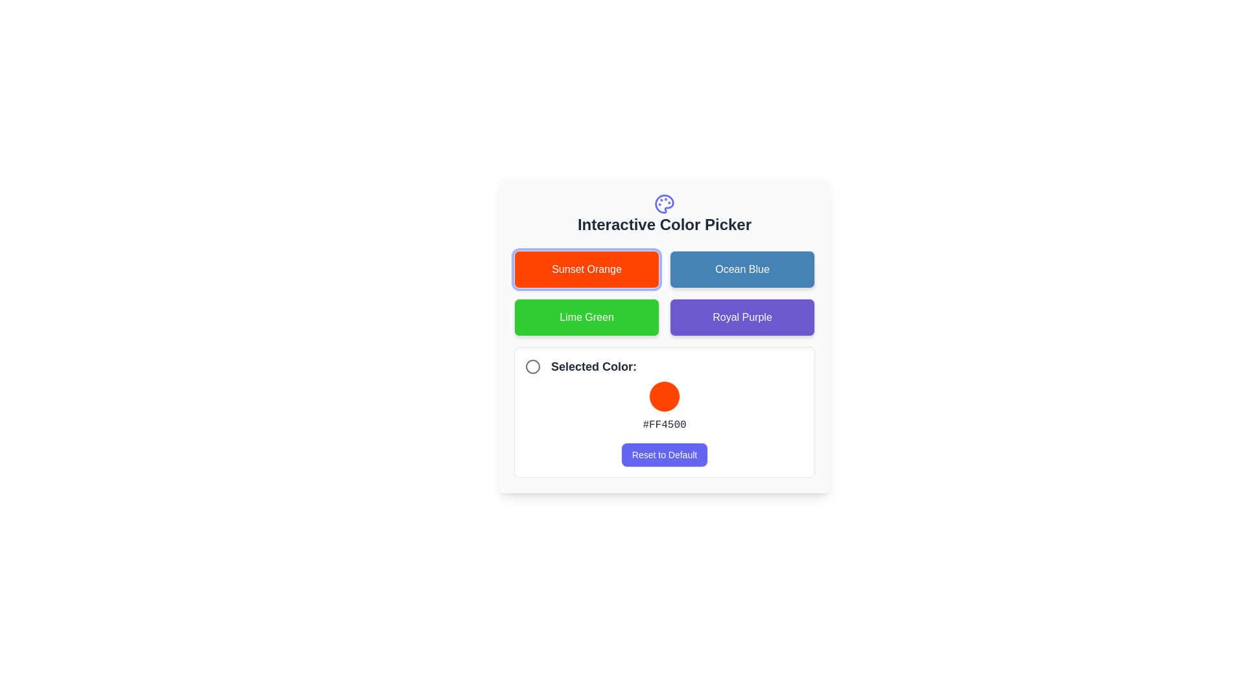  What do you see at coordinates (742, 317) in the screenshot?
I see `the 'Royal Purple' button located at the bottom-right of the grid layout to trigger the scaling effect` at bounding box center [742, 317].